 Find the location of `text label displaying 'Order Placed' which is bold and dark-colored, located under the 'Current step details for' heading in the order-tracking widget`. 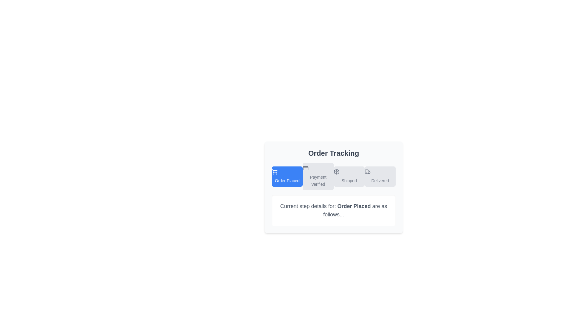

text label displaying 'Order Placed' which is bold and dark-colored, located under the 'Current step details for' heading in the order-tracking widget is located at coordinates (354, 206).